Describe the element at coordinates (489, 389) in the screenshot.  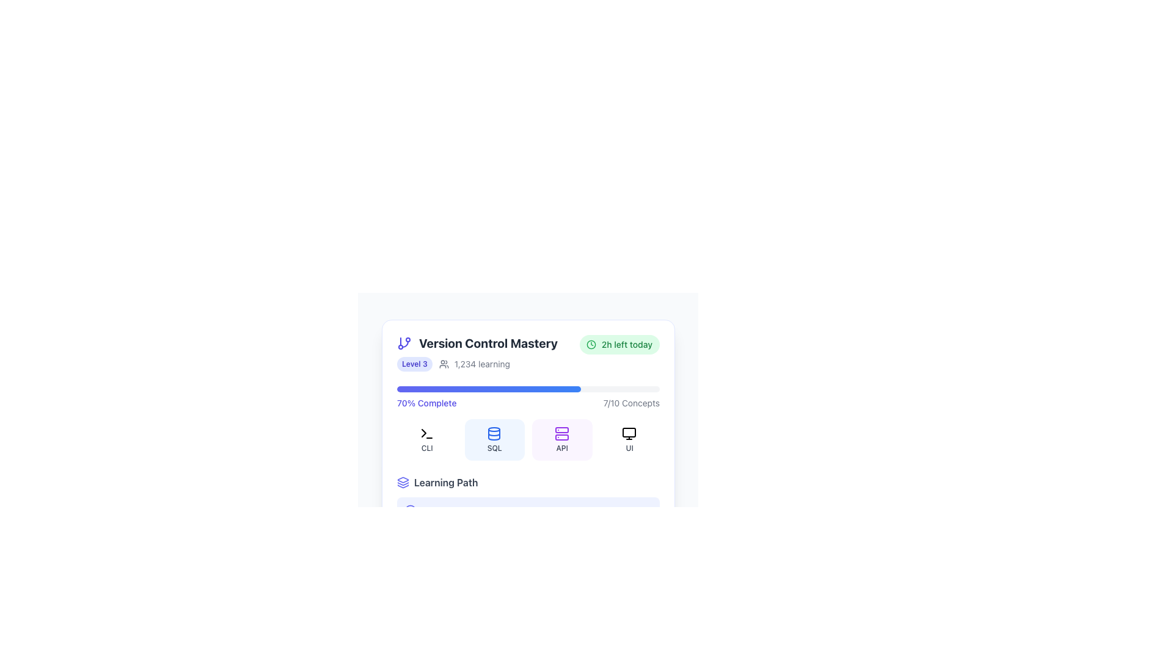
I see `the filled portion of the progress bar, which is a horizontal bar with a gradient color transitioning from indigo to blue, located below the title '70% Complete' and the data '7/10 Concepts'` at that location.